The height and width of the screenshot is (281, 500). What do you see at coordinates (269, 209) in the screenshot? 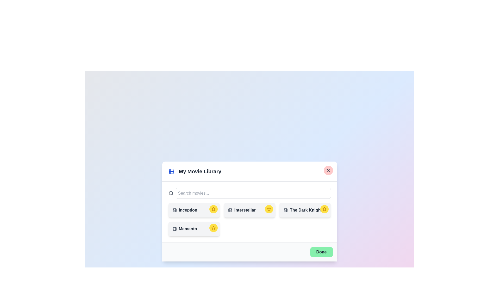
I see `the yellow star-shaped icon adjacent to the text 'Interstellar'` at bounding box center [269, 209].